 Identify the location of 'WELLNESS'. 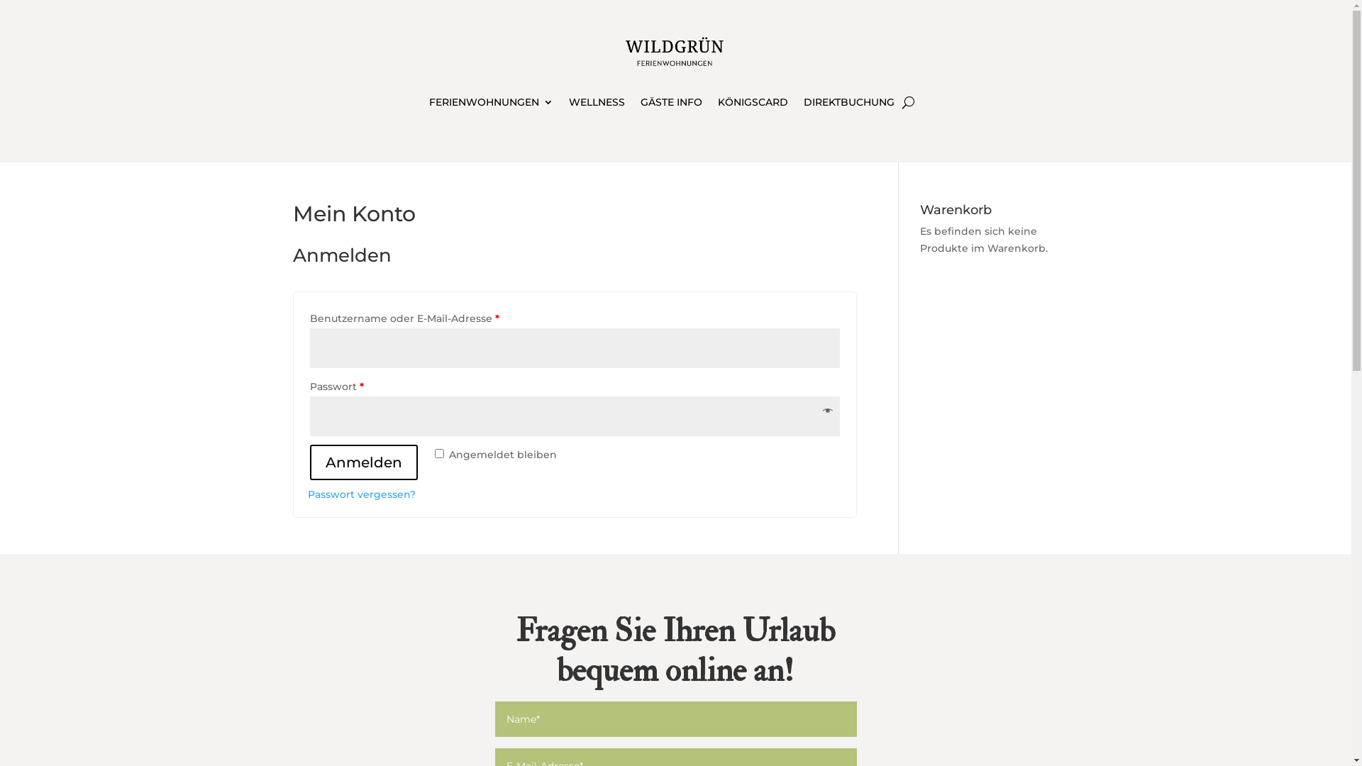
(568, 104).